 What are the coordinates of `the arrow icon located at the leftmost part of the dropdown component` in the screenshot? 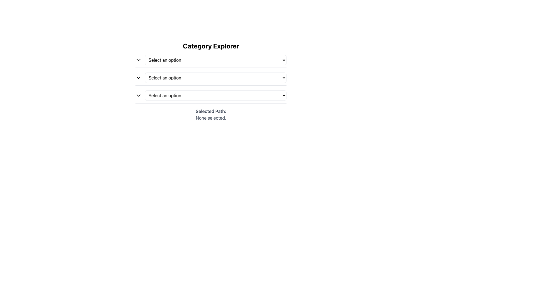 It's located at (139, 60).